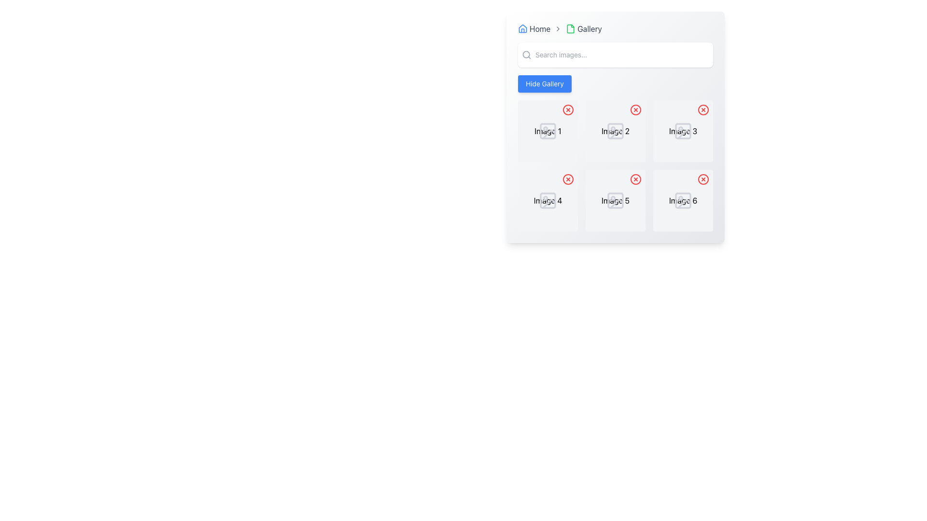  I want to click on the Search Input Field located underneath the breadcrumb navigation labeled 'Home > Gallery', so click(615, 55).